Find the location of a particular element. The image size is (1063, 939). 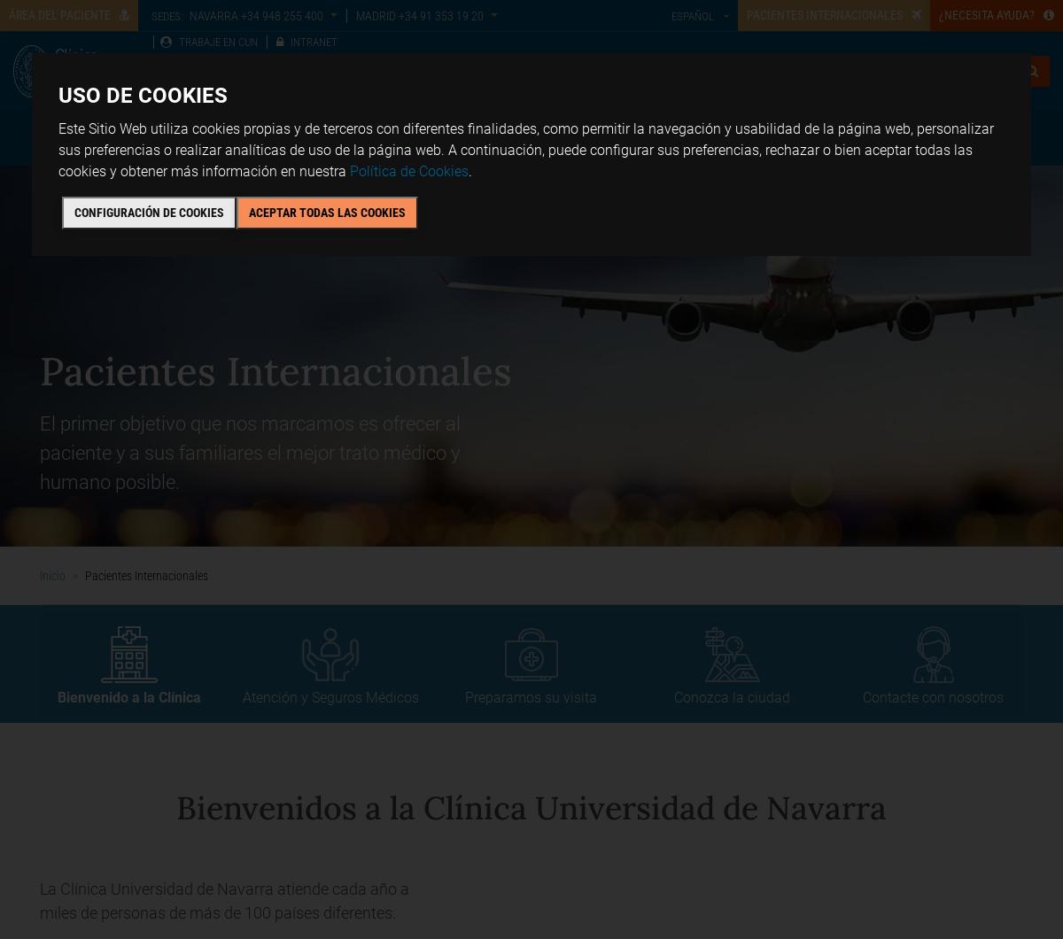

'Sedes' is located at coordinates (387, 136).